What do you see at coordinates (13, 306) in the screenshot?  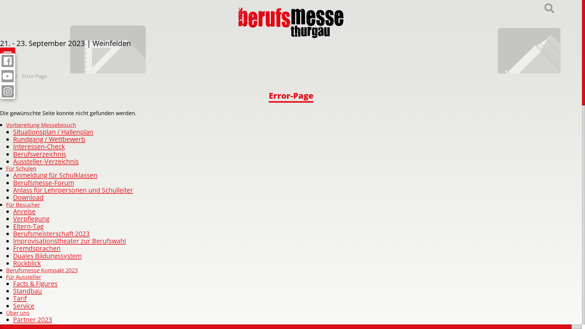 I see `'Service'` at bounding box center [13, 306].